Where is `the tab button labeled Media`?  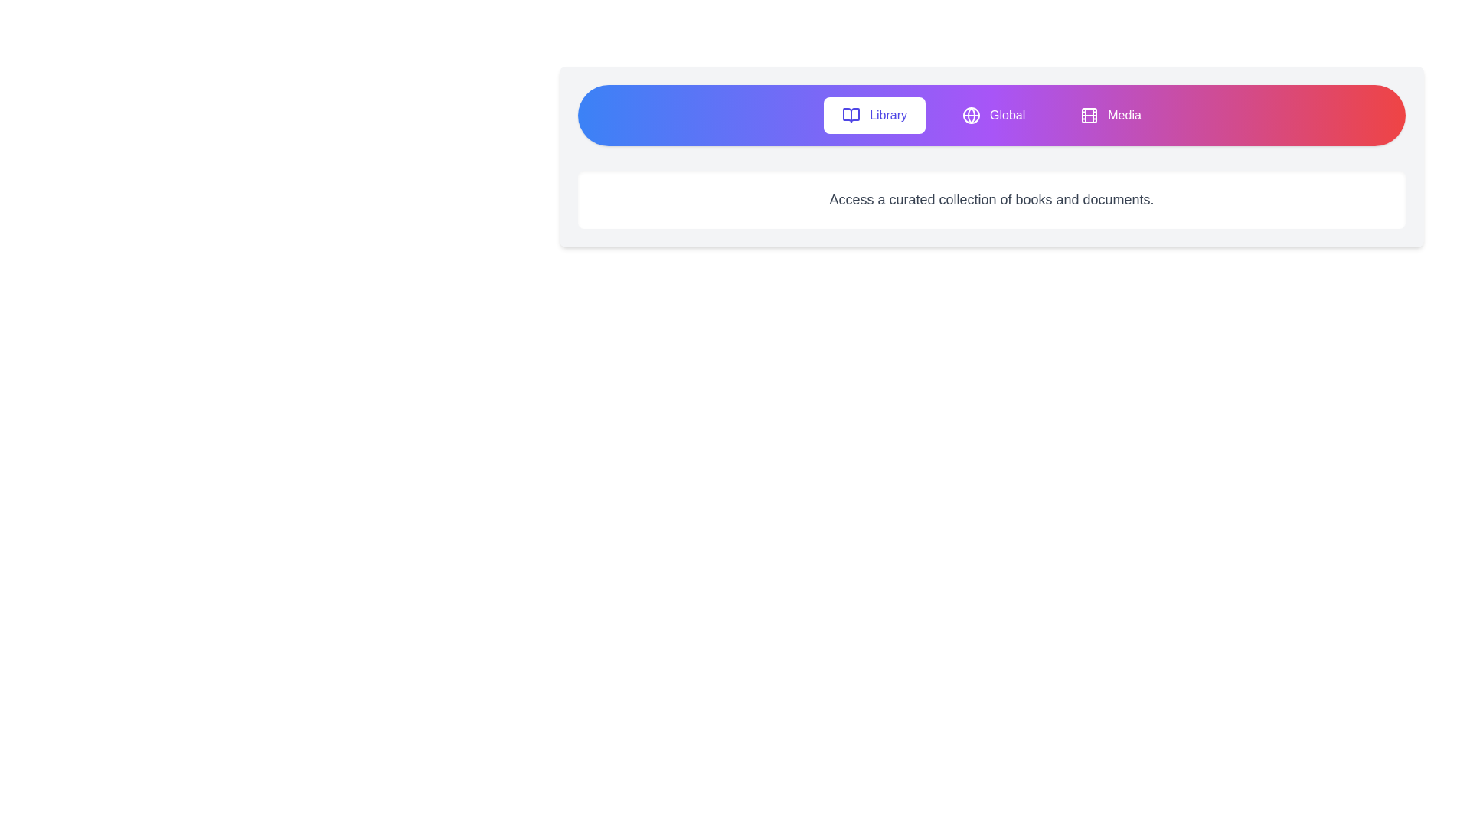
the tab button labeled Media is located at coordinates (1111, 114).